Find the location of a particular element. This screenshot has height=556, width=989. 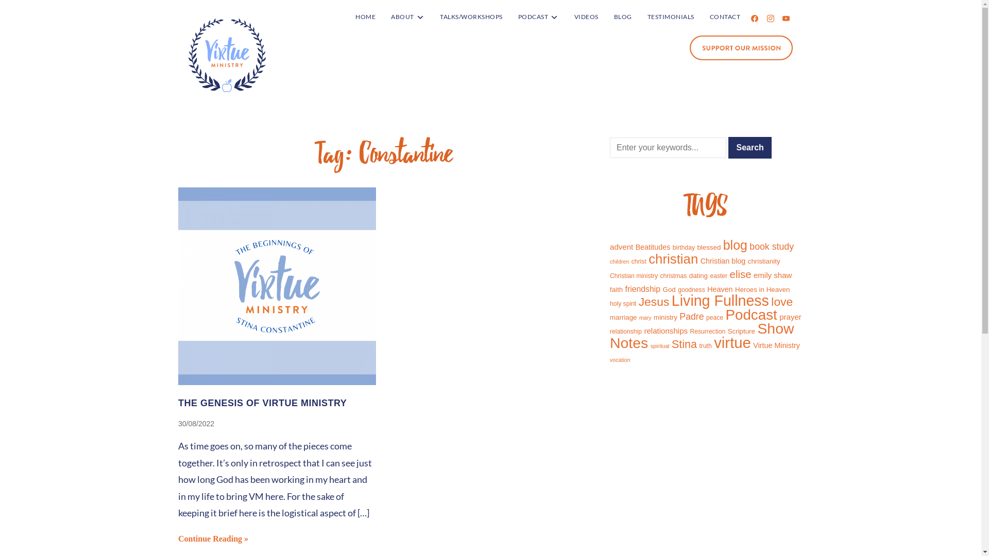

'CONTACT' is located at coordinates (709, 17).